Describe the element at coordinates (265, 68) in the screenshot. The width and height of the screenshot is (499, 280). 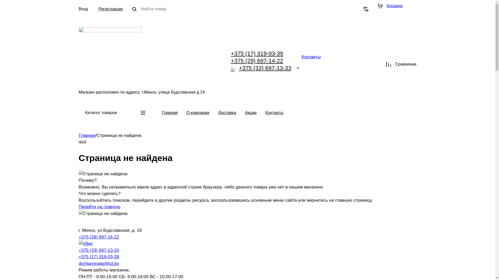
I see `'+375 (33) 697-13-33'` at that location.